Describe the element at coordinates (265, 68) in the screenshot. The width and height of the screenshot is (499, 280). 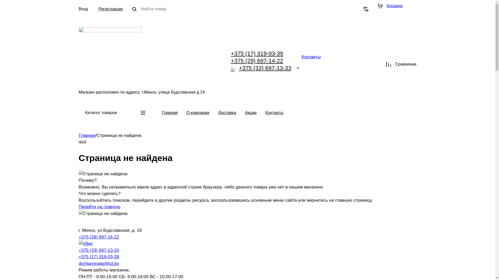
I see `'+375 (33) 697-13-33'` at that location.